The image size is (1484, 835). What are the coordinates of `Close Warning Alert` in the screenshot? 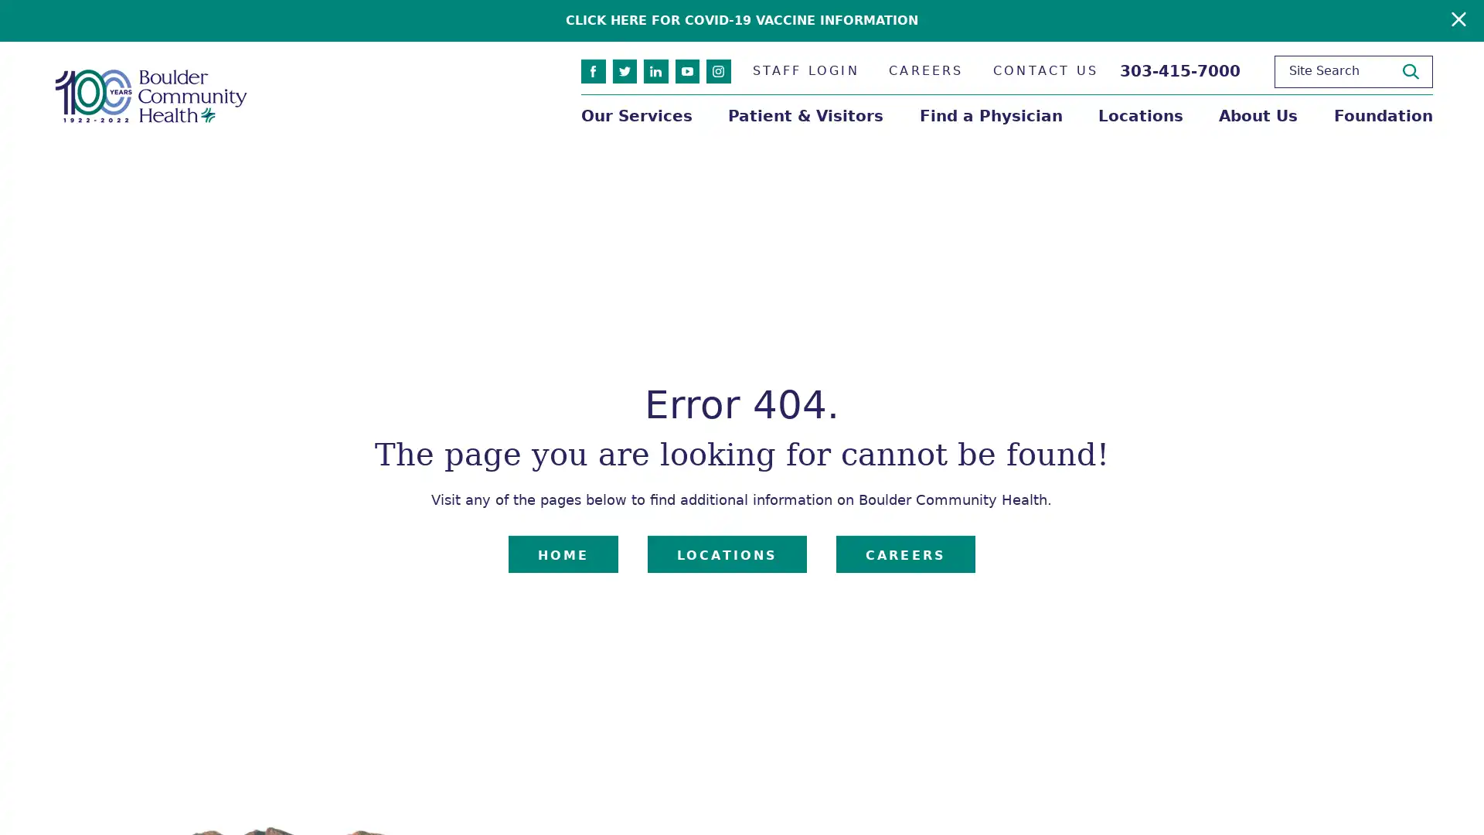 It's located at (1457, 20).